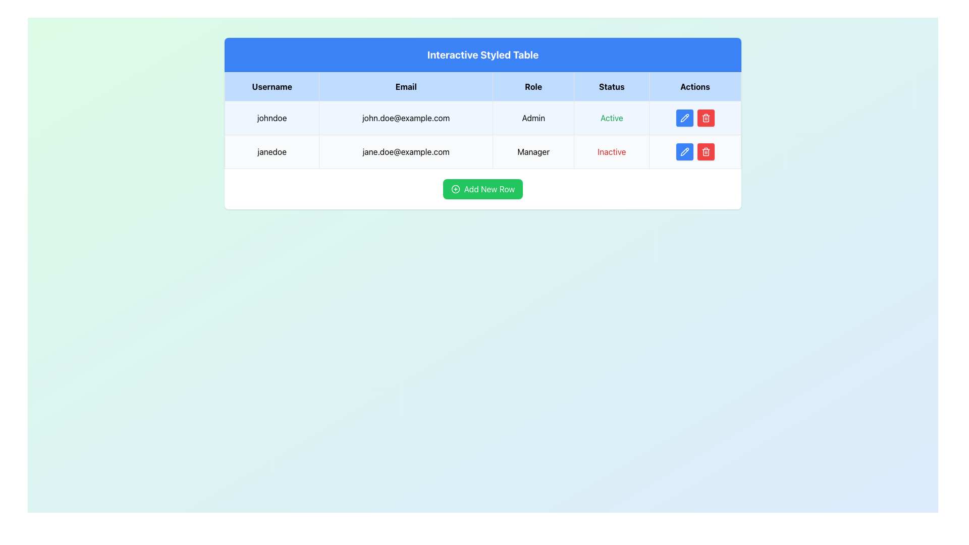 This screenshot has height=545, width=969. I want to click on the 'Manager' text label element located under the 'Role' column for the user 'janedoe' in the table layout, so click(533, 151).